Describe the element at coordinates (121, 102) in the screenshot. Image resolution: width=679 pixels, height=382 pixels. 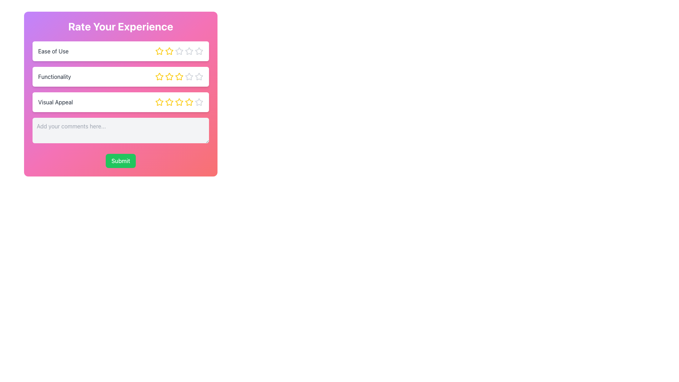
I see `the star in the 'Visual Appeal' rating component` at that location.